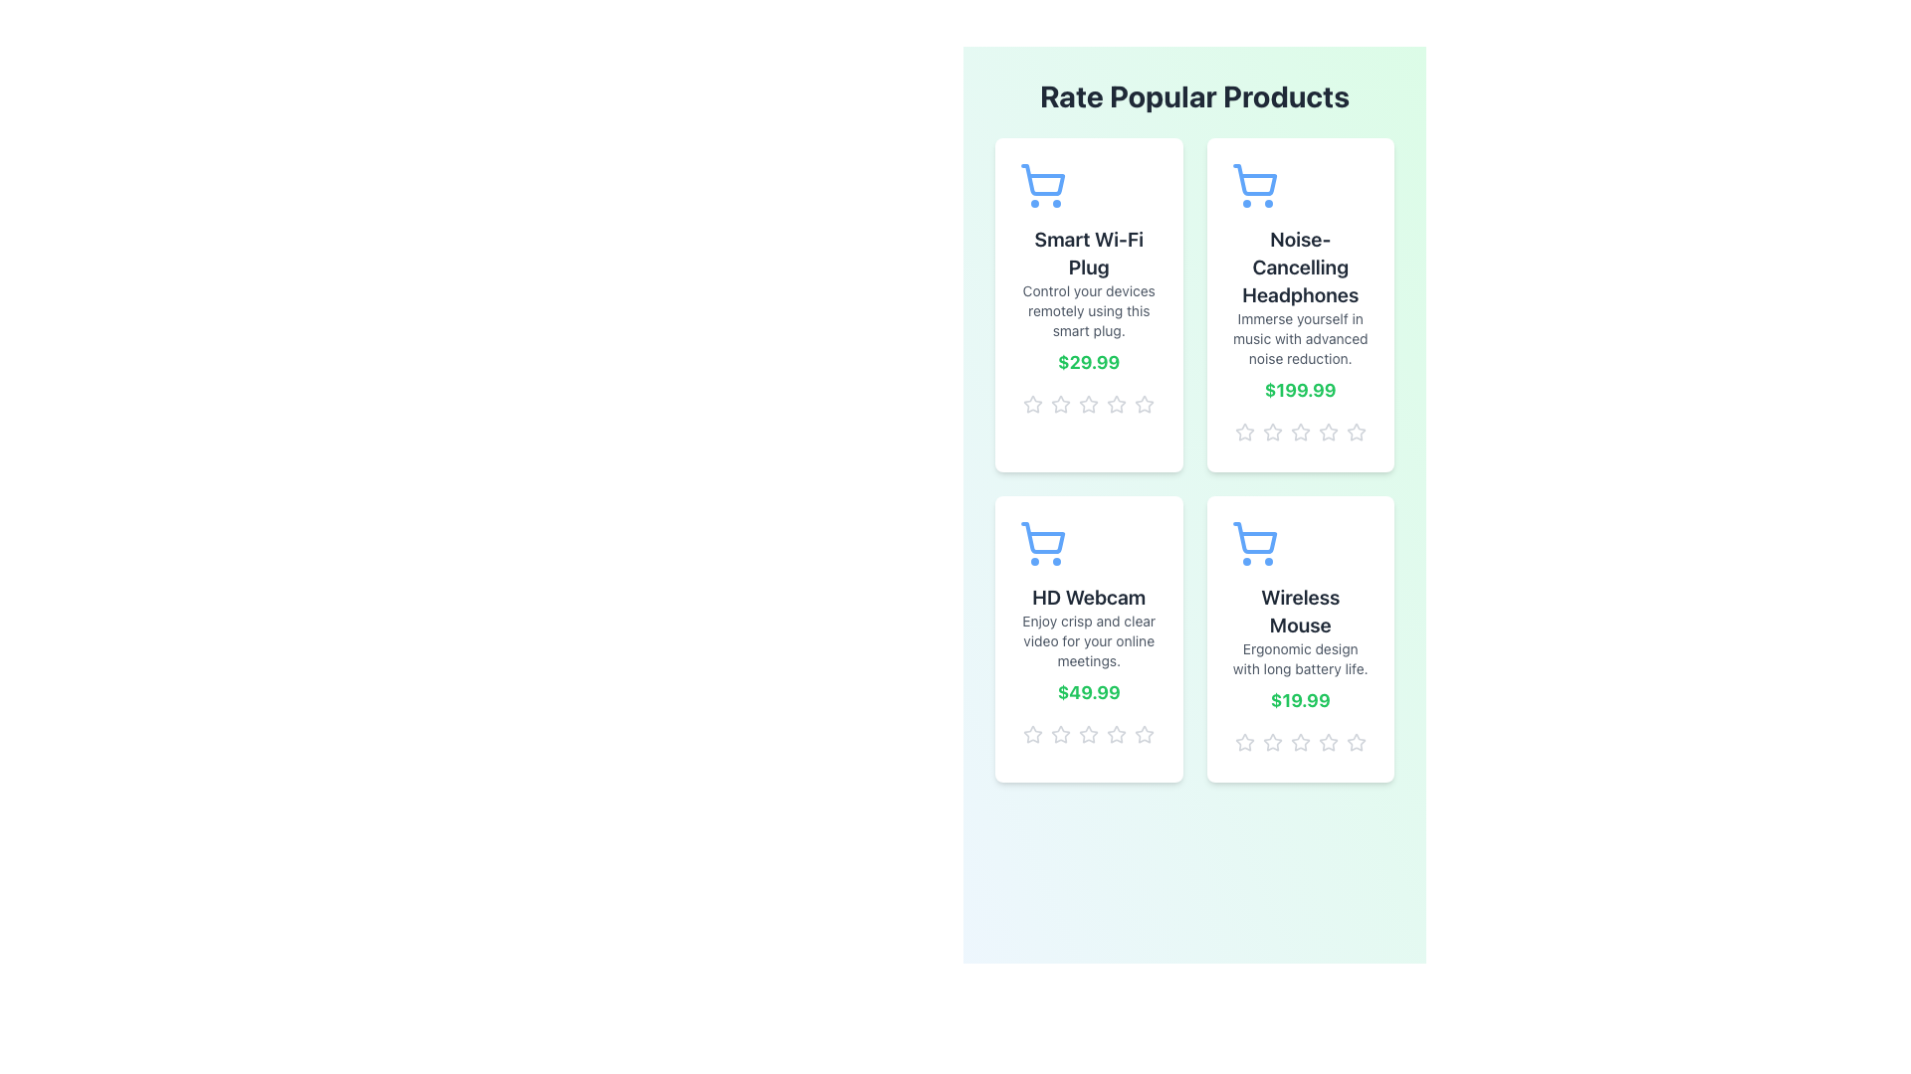 The height and width of the screenshot is (1074, 1911). What do you see at coordinates (1300, 610) in the screenshot?
I see `the static text label displaying the product name 'Wireless Mouse' located in the bottom-right section of the product grid` at bounding box center [1300, 610].